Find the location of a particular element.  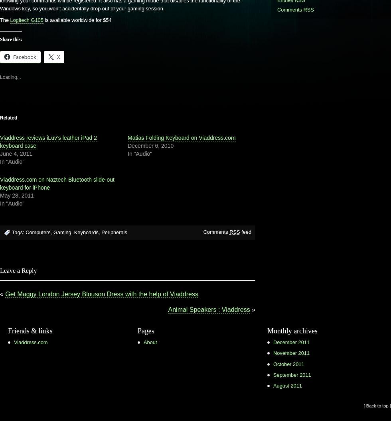

'About' is located at coordinates (150, 342).